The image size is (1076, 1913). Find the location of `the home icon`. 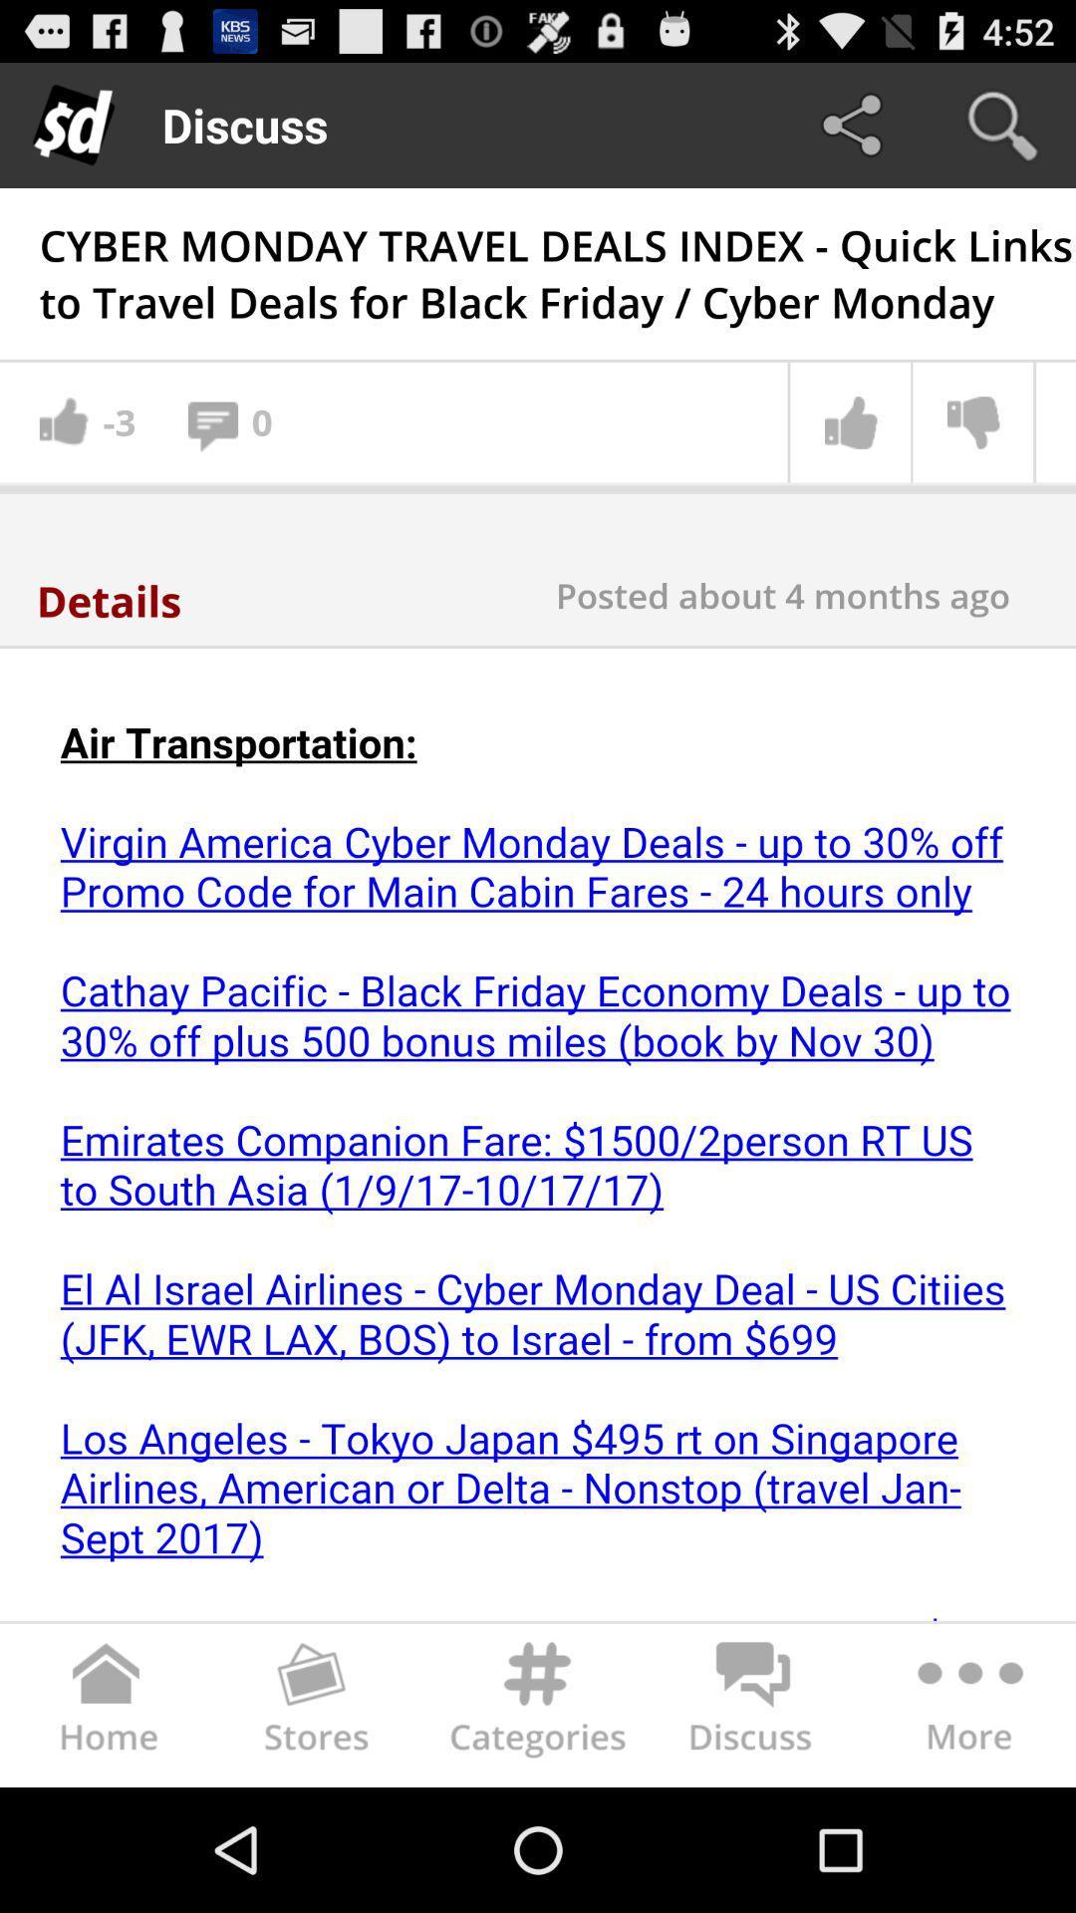

the home icon is located at coordinates (108, 1829).